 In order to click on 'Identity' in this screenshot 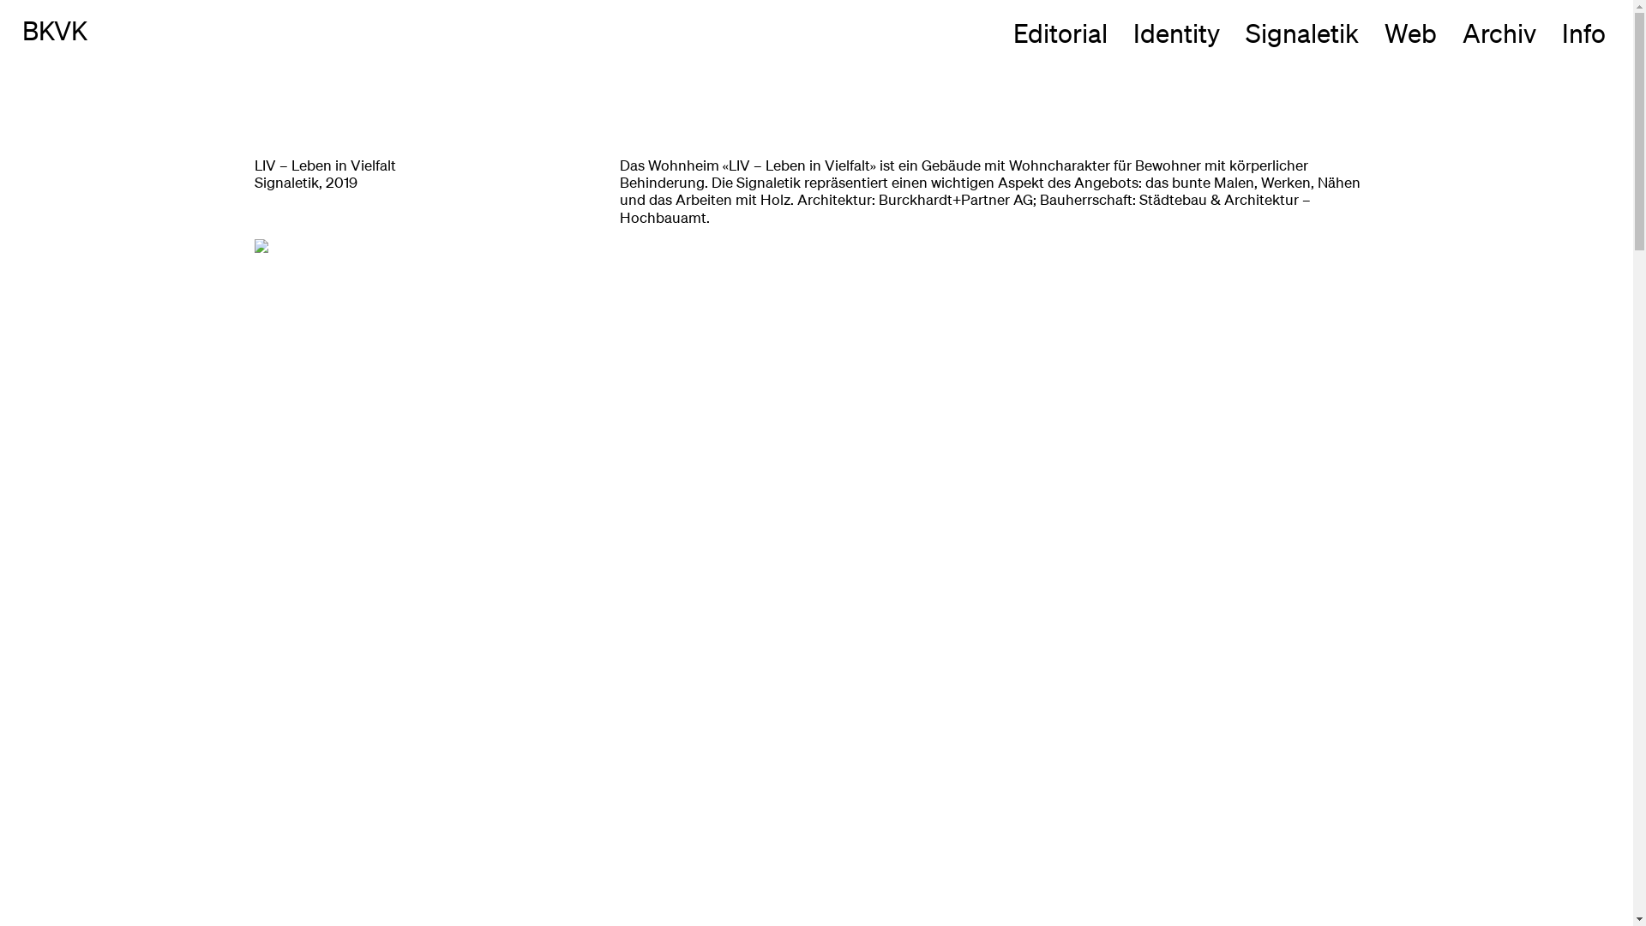, I will do `click(1175, 33)`.